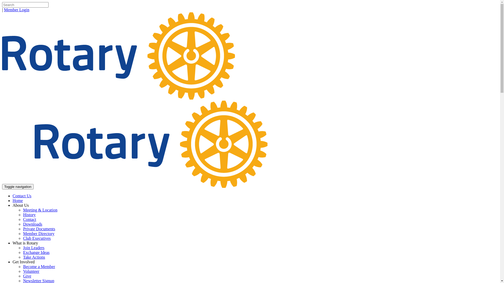 The width and height of the screenshot is (504, 283). I want to click on 'Club Executives', so click(23, 238).